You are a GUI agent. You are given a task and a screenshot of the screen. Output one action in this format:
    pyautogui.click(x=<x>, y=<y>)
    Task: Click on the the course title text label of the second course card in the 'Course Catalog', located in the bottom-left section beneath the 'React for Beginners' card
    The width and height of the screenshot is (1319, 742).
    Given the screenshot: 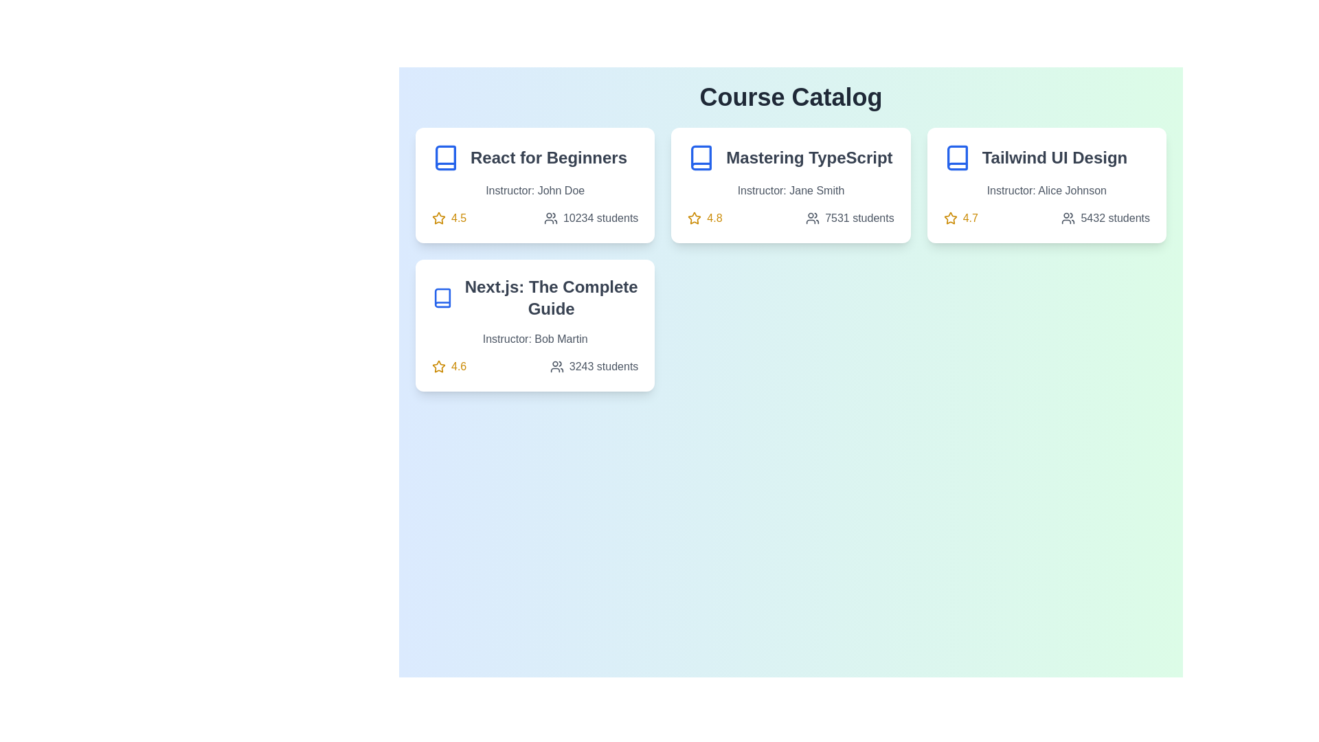 What is the action you would take?
    pyautogui.click(x=534, y=297)
    